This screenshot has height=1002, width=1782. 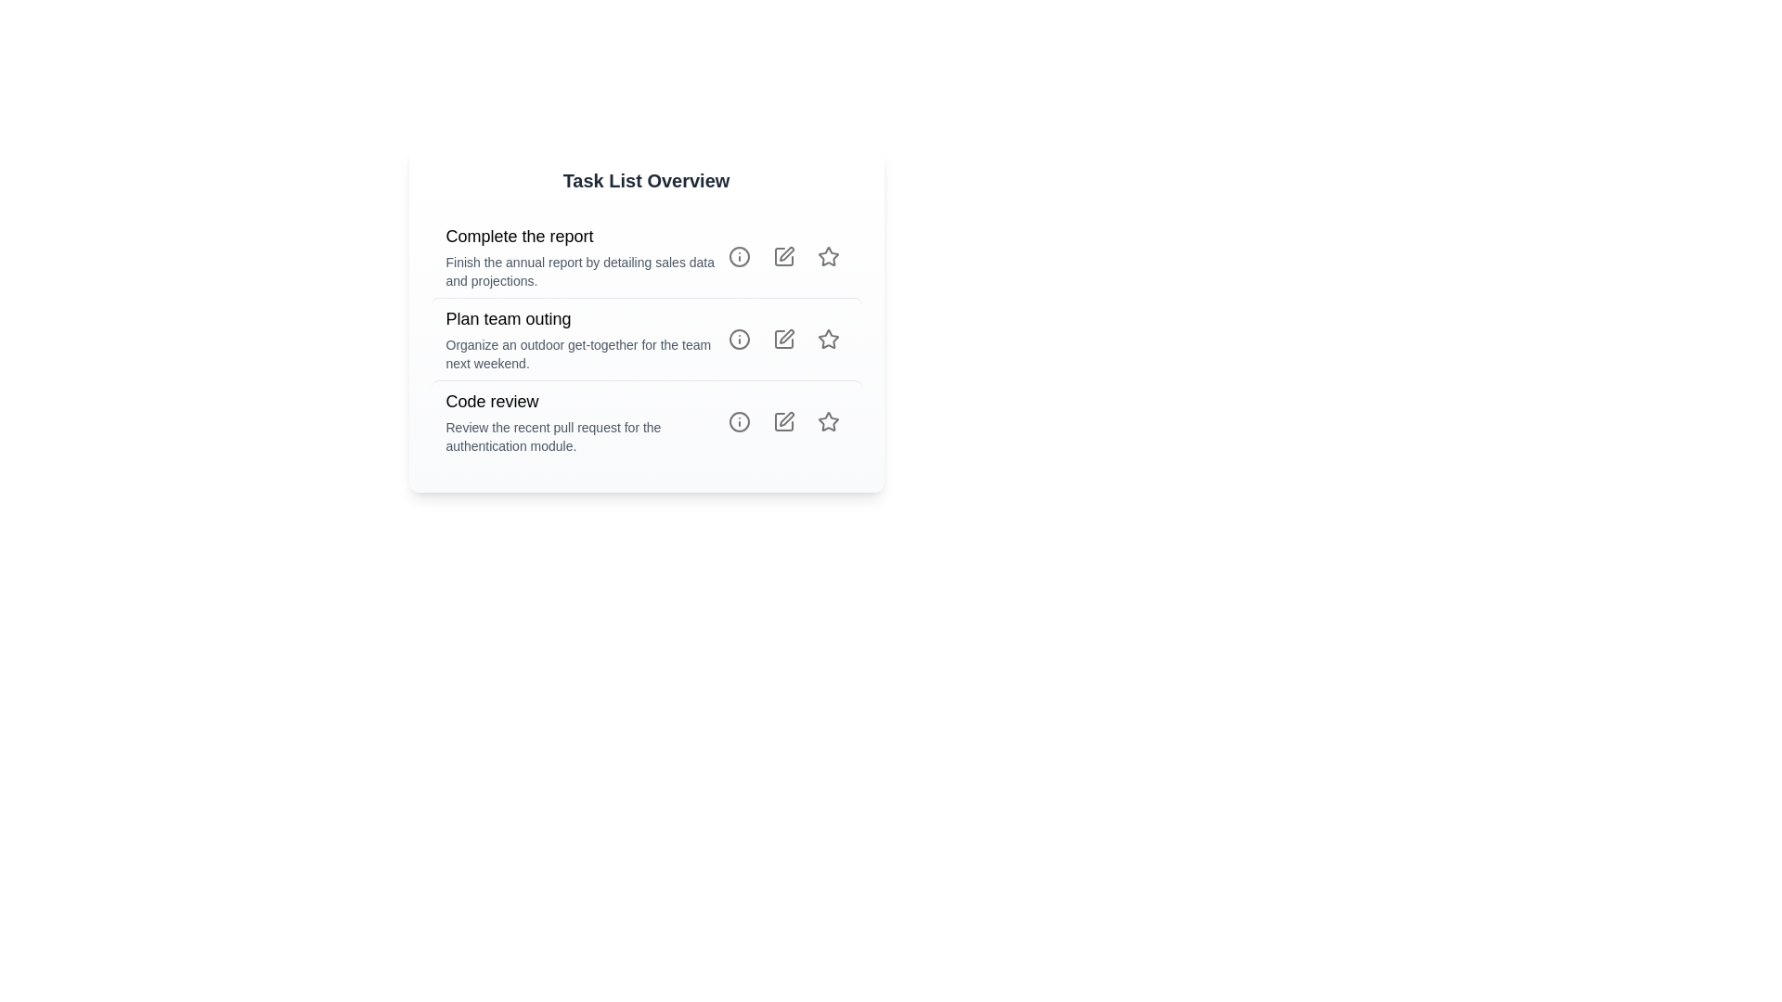 I want to click on the green circular button with a pencil icon, located between the blue info button and the yellow star button in the row titled 'Plan team outing', so click(x=783, y=340).